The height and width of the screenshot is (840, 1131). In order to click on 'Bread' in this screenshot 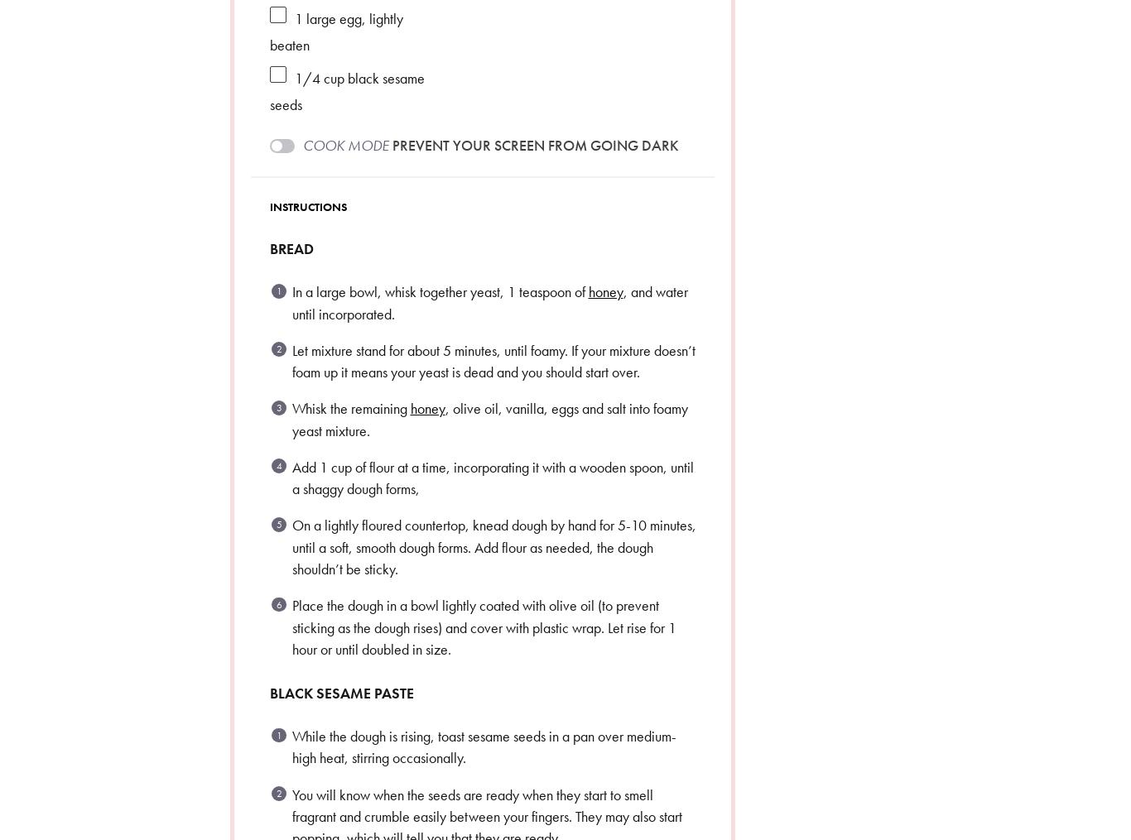, I will do `click(290, 247)`.